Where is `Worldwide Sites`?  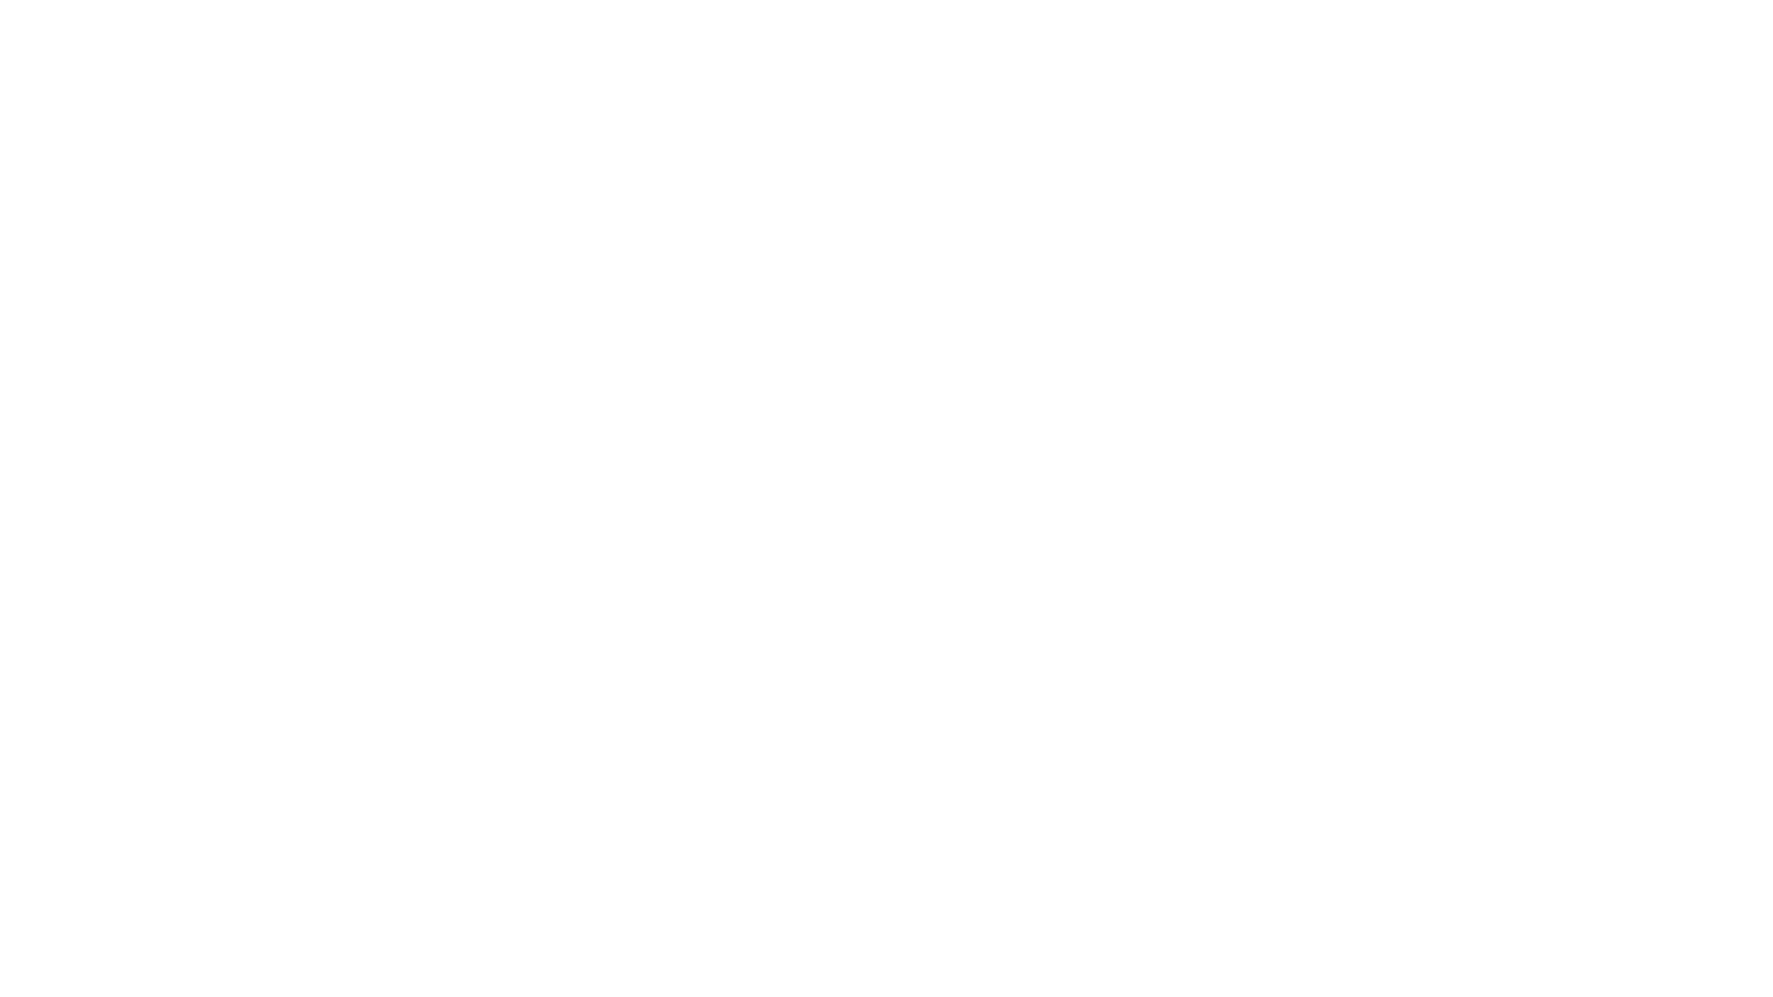
Worldwide Sites is located at coordinates (1288, 30).